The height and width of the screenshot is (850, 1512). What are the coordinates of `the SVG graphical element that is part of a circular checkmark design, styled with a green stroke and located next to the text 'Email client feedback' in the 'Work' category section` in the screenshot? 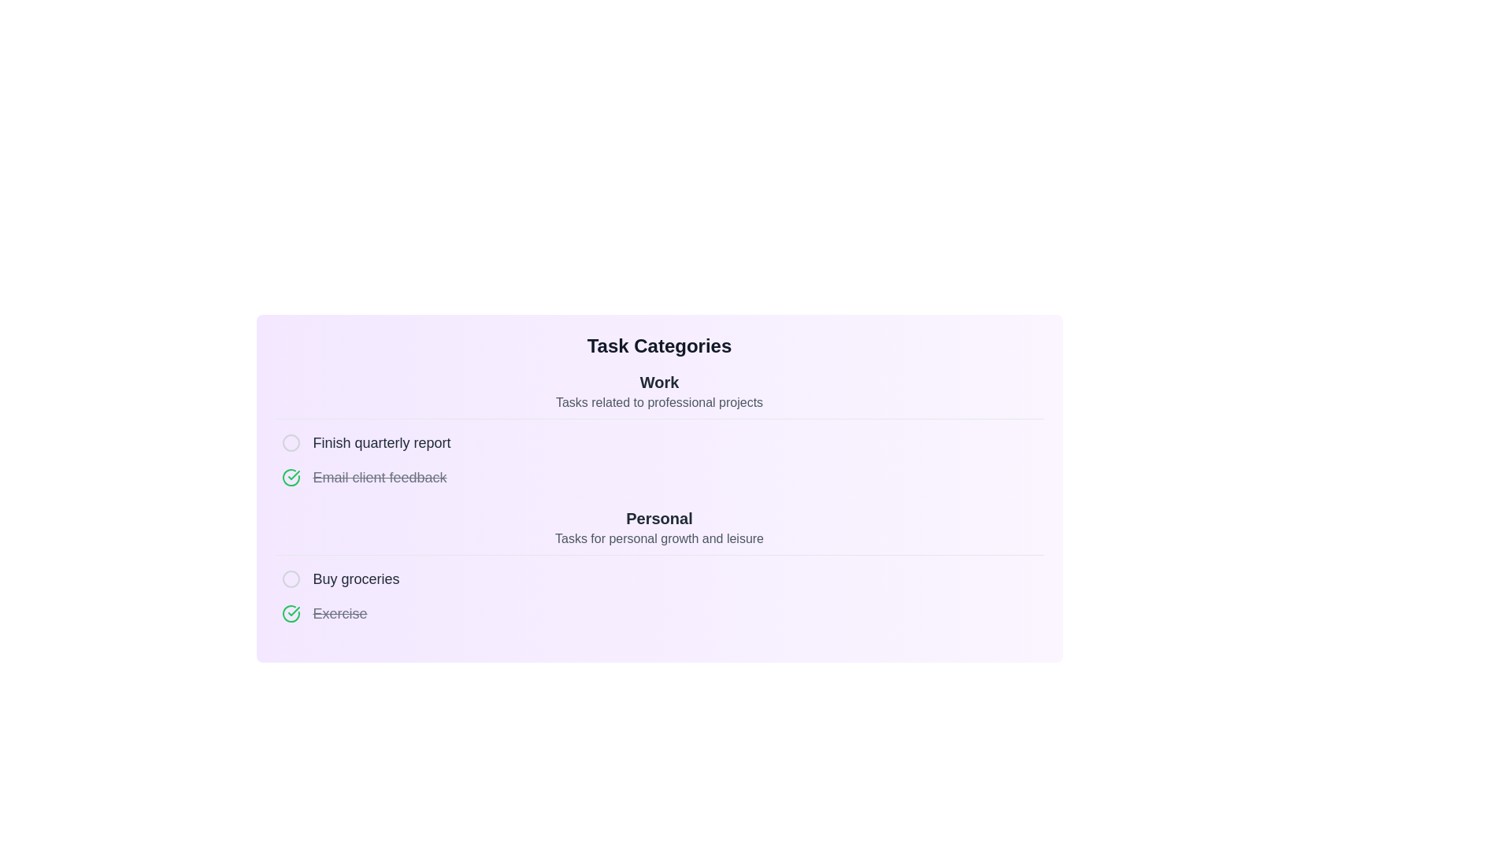 It's located at (291, 612).